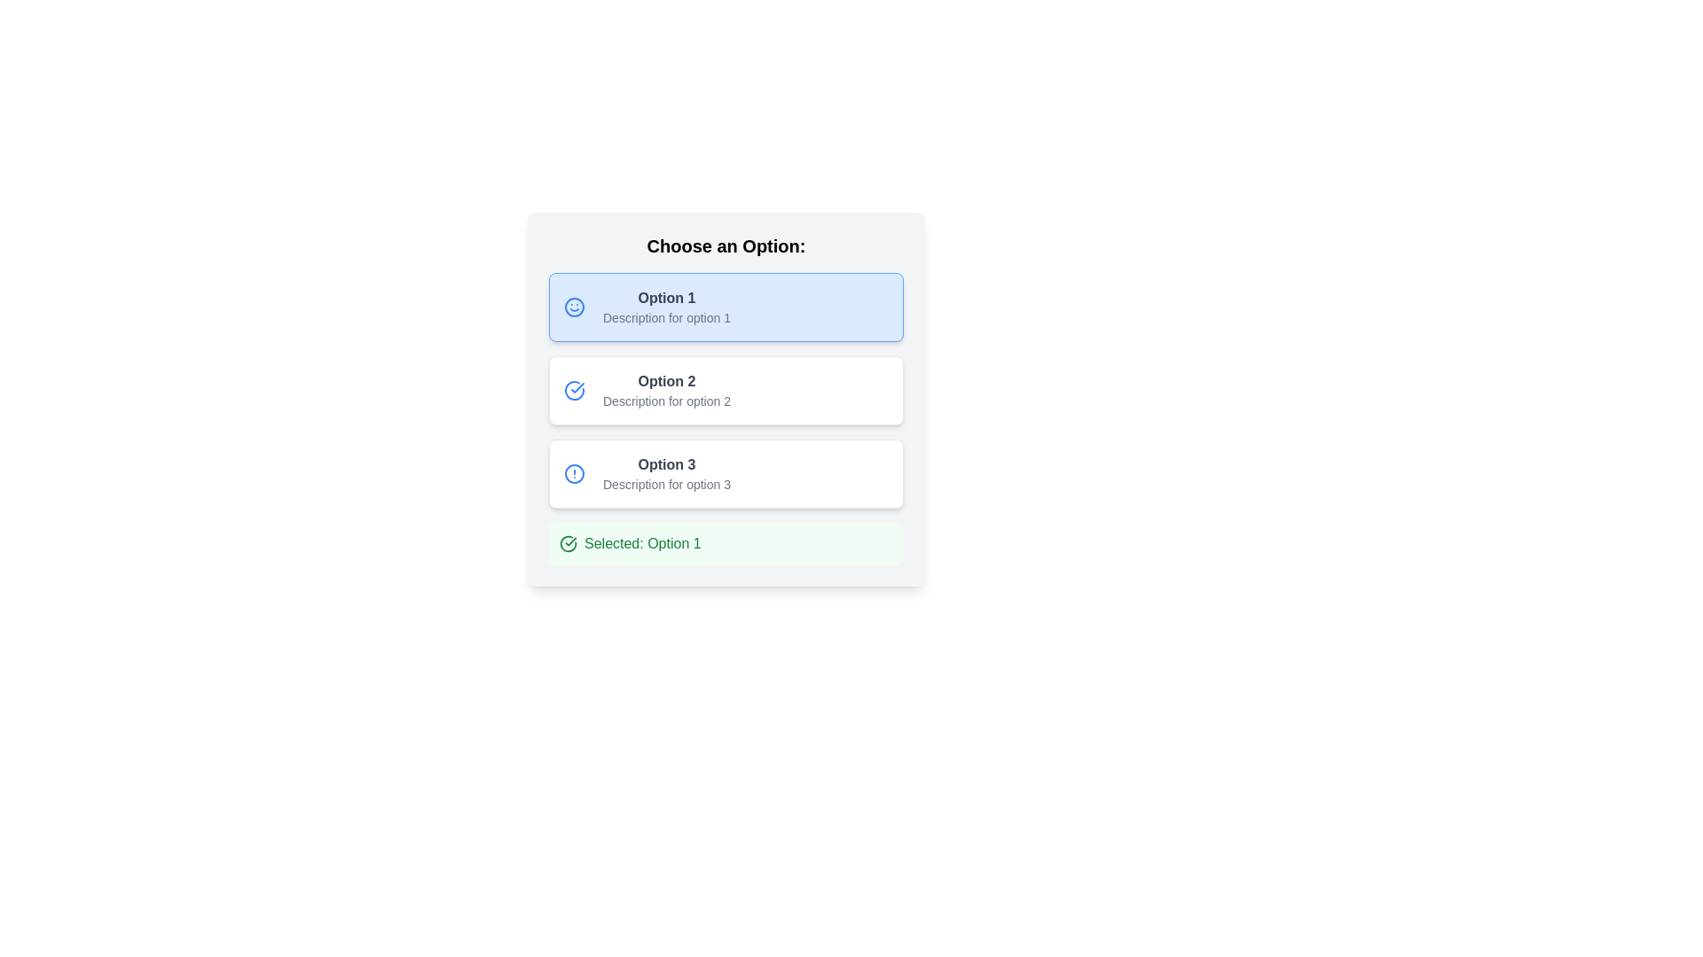 The width and height of the screenshot is (1703, 957). Describe the element at coordinates (666, 307) in the screenshot. I see `the text element labeled 'Option 1' with the subtitle 'Description for option 1'` at that location.